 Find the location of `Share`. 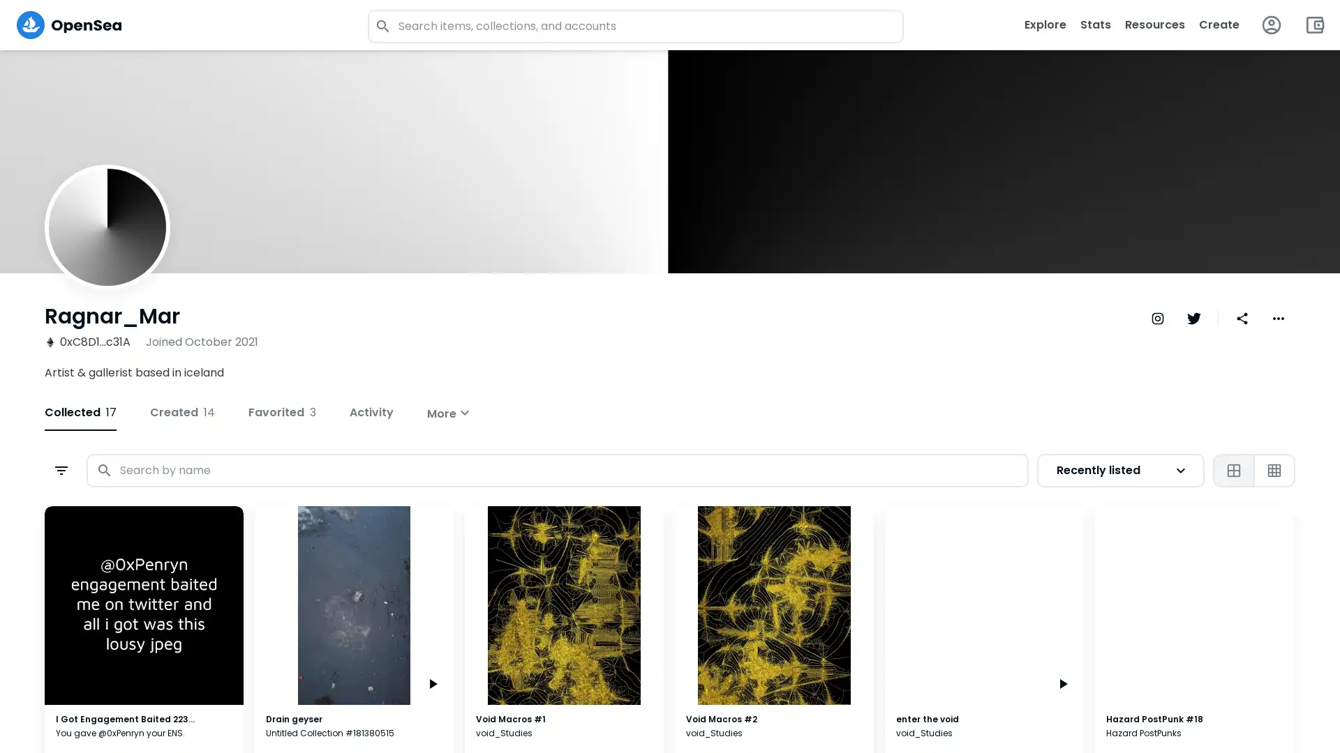

Share is located at coordinates (1242, 317).